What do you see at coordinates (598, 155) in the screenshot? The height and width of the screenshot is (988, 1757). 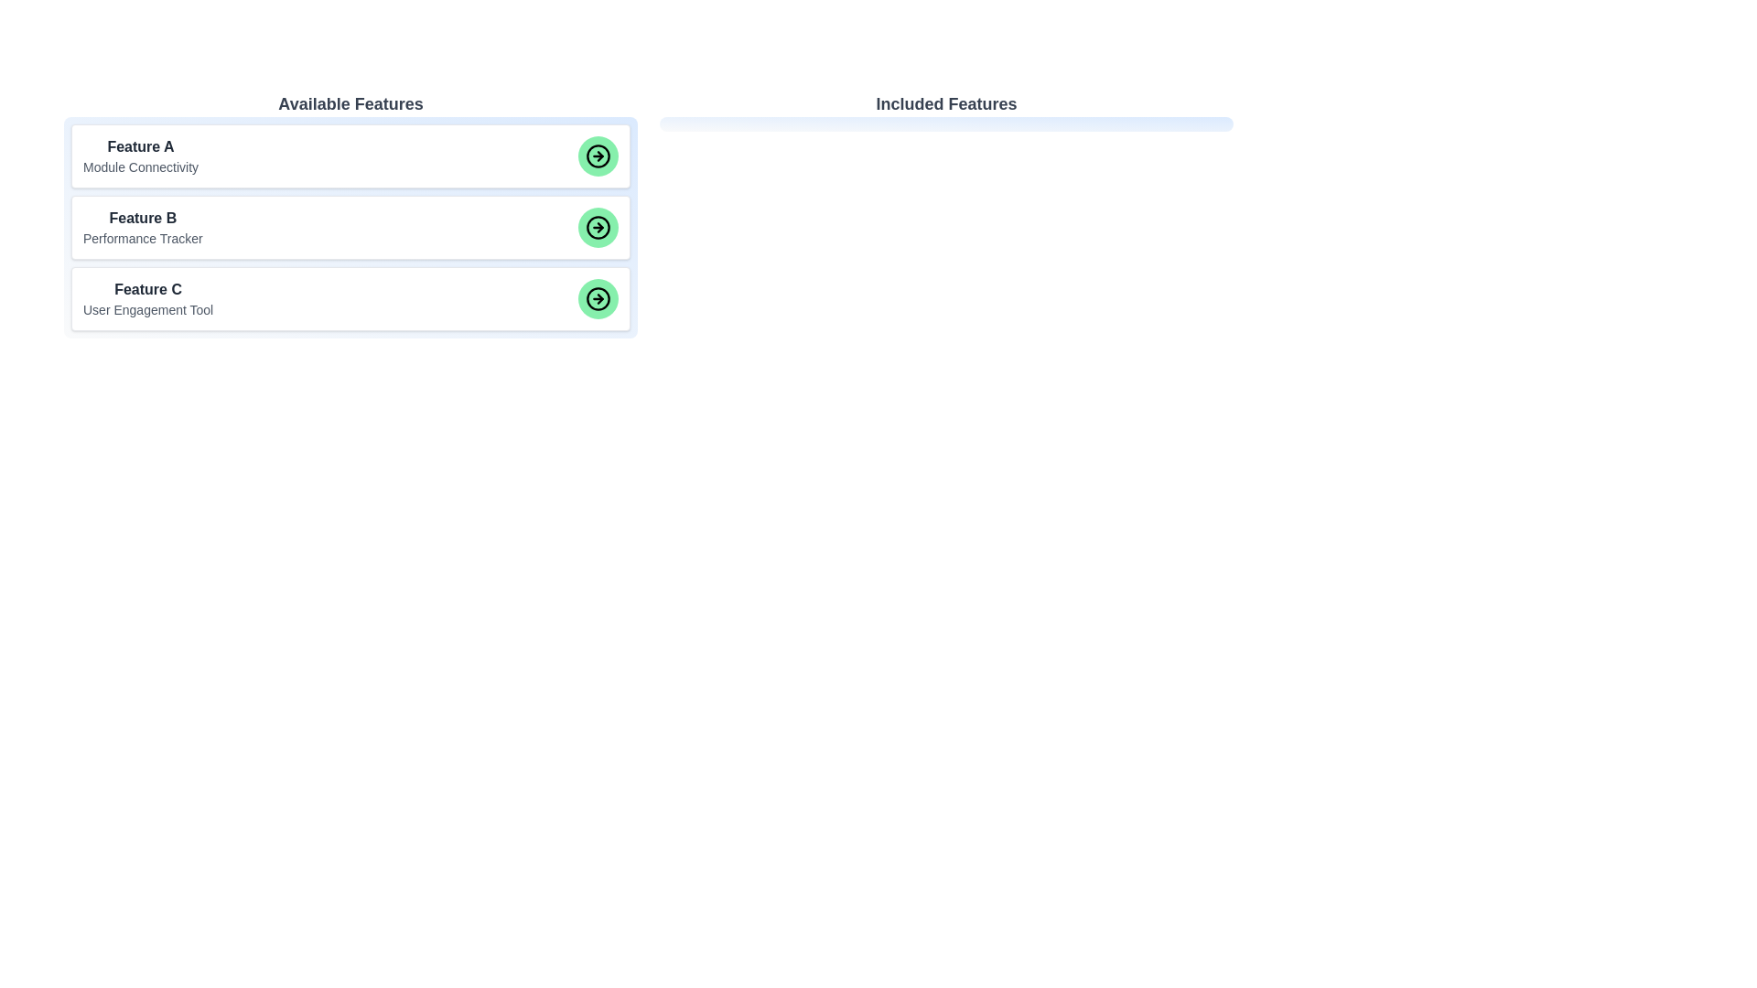 I see `green arrow button for the item labeled Feature A` at bounding box center [598, 155].